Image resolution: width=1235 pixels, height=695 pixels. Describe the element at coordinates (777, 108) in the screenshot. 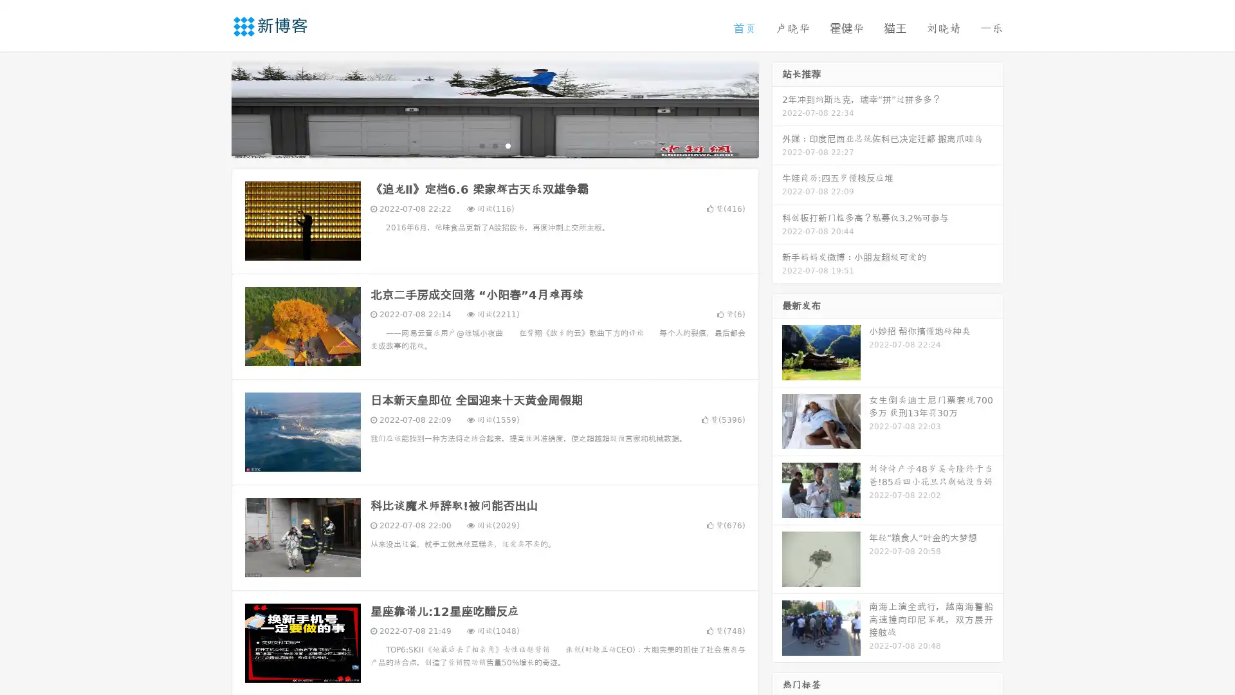

I see `Next slide` at that location.